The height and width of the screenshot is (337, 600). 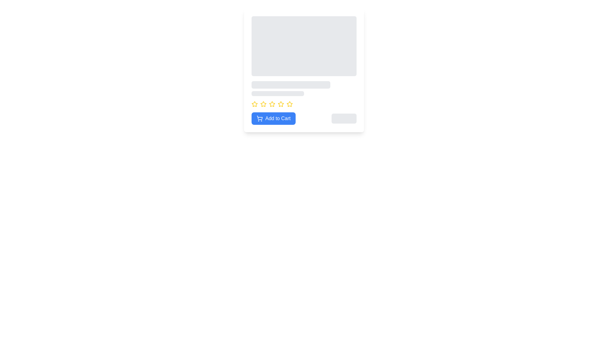 I want to click on the visual representation of the shopping cart icon located on the left side of the 'Add to Cart' button, which is situated in the bottom-left section of the product details card, so click(x=259, y=119).